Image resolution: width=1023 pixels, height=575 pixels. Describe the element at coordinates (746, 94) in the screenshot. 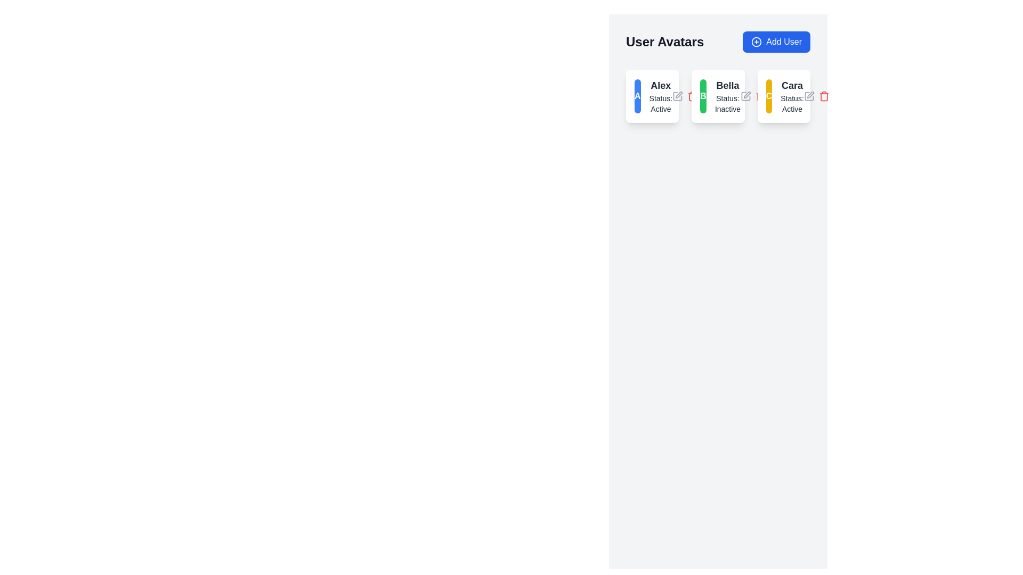

I see `the edit button icon located in the top-right corner of Bella's user card, adjacent to their name and status information` at that location.